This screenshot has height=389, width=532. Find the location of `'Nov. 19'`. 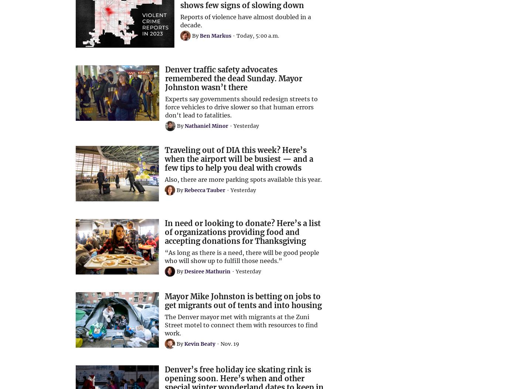

'Nov. 19' is located at coordinates (229, 343).